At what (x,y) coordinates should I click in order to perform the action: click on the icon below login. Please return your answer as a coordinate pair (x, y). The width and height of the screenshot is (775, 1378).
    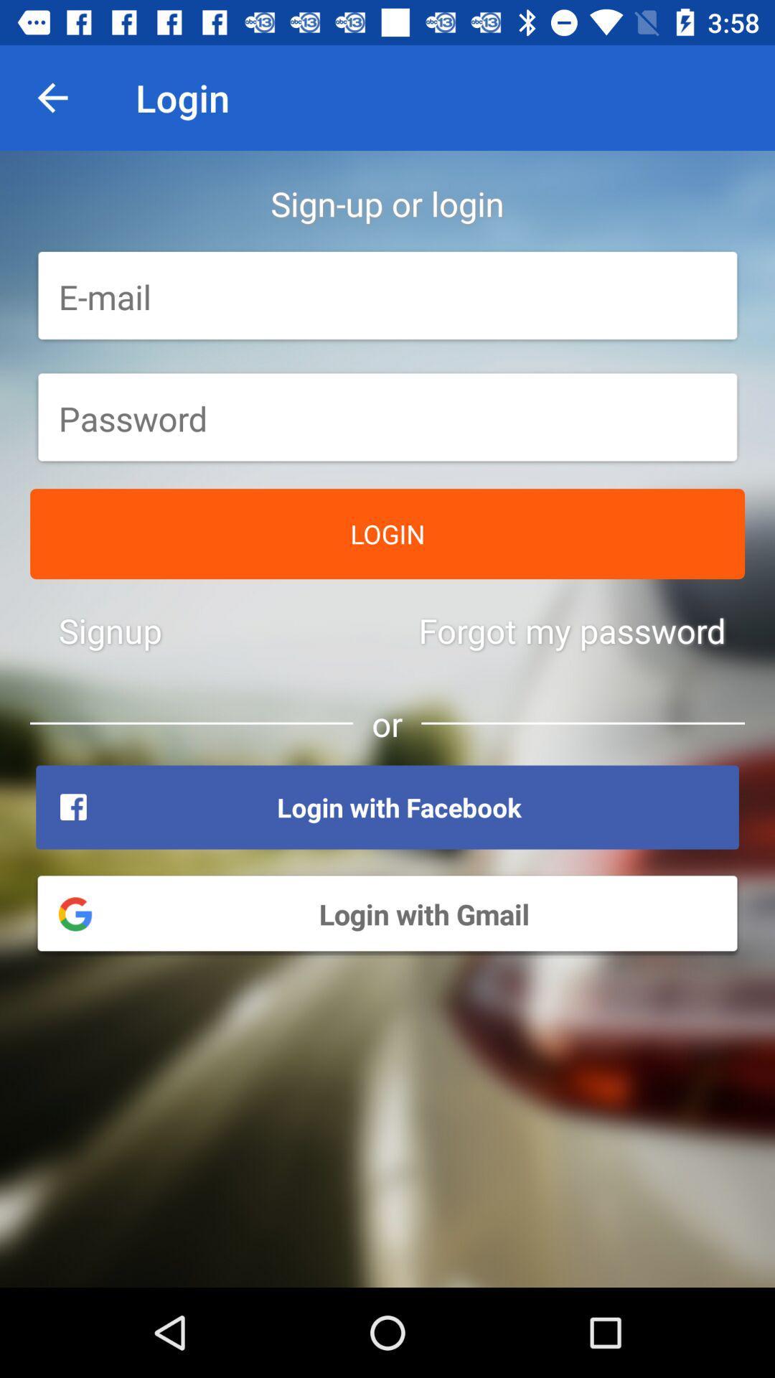
    Looking at the image, I should click on (109, 630).